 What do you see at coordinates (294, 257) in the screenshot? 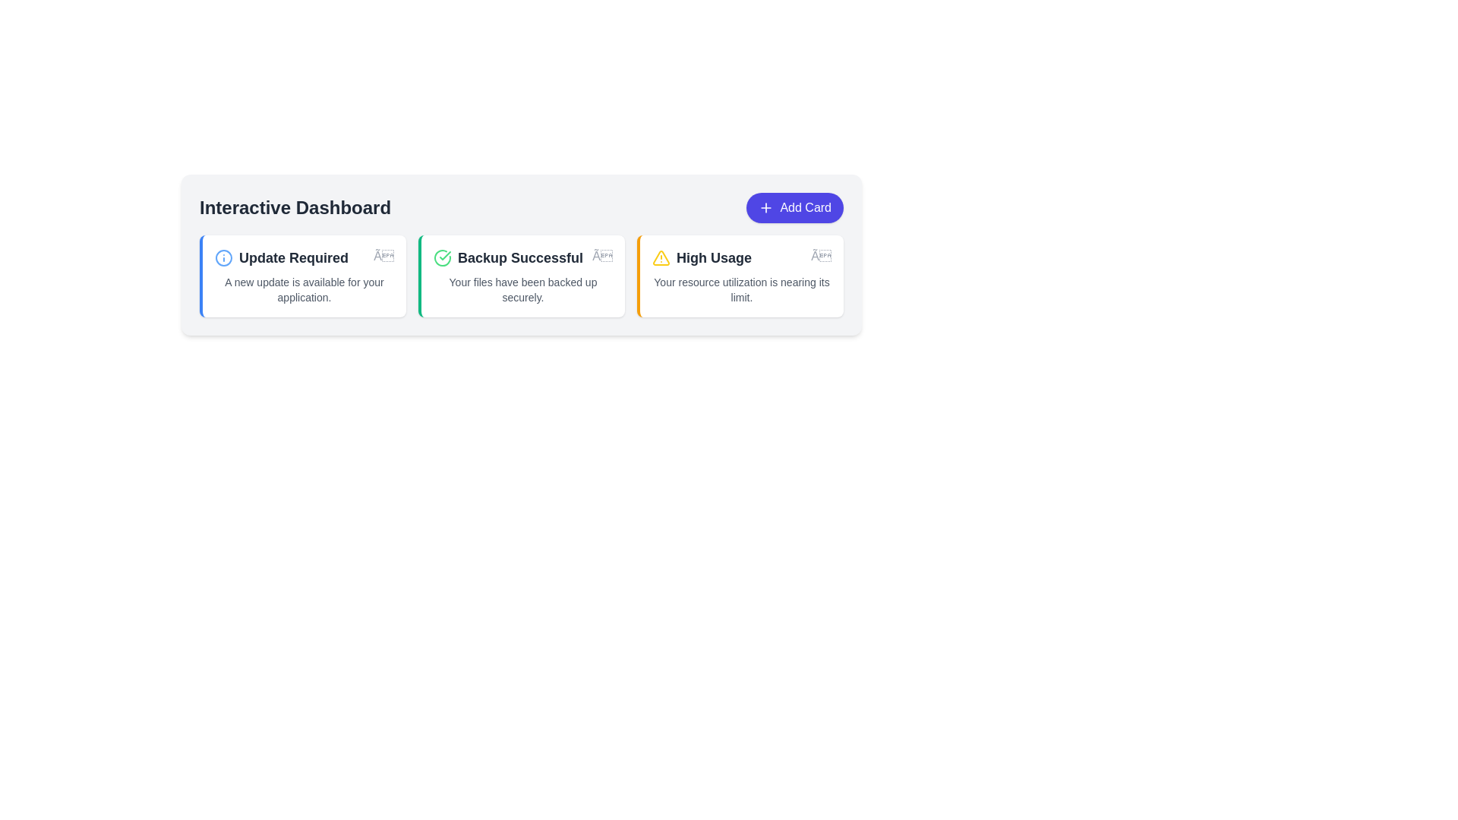
I see `the primary header text in the first card that indicates an important status or alert, located near the top-left of the interface` at bounding box center [294, 257].